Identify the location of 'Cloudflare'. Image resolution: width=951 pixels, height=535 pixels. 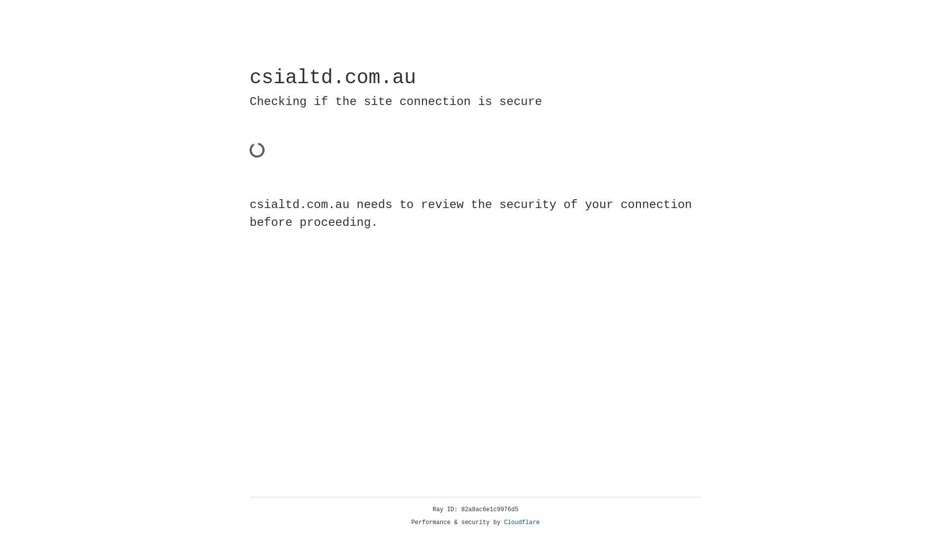
(504, 522).